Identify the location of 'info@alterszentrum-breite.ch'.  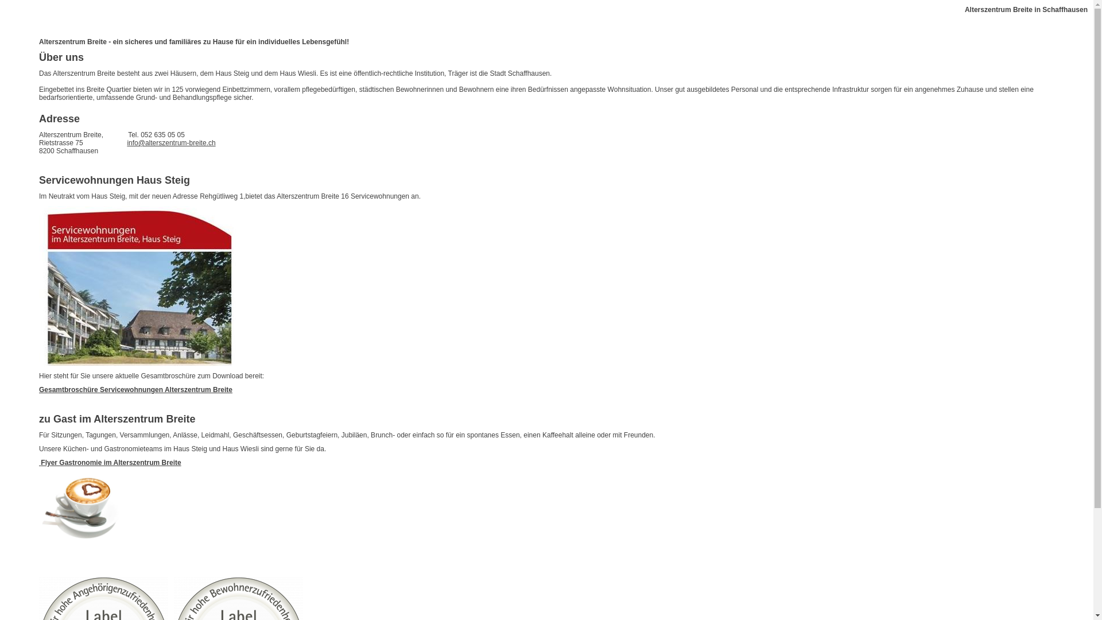
(170, 142).